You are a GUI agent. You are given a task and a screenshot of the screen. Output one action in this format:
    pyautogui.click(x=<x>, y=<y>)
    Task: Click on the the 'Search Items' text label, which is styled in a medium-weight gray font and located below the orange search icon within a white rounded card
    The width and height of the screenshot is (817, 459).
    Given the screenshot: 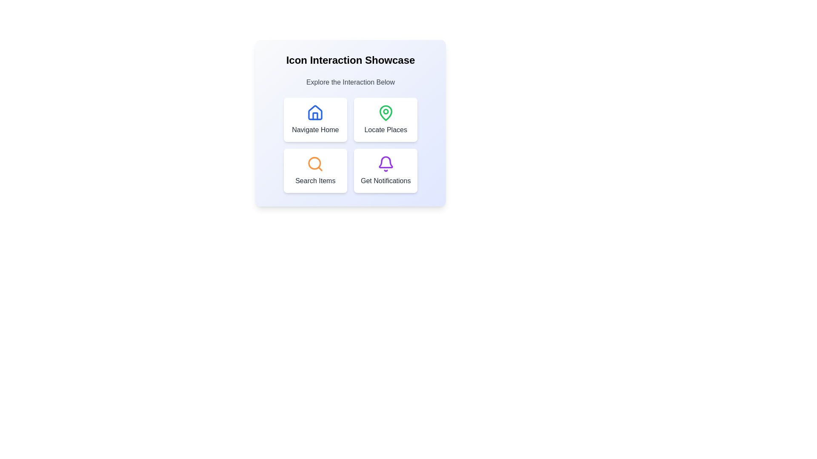 What is the action you would take?
    pyautogui.click(x=315, y=180)
    